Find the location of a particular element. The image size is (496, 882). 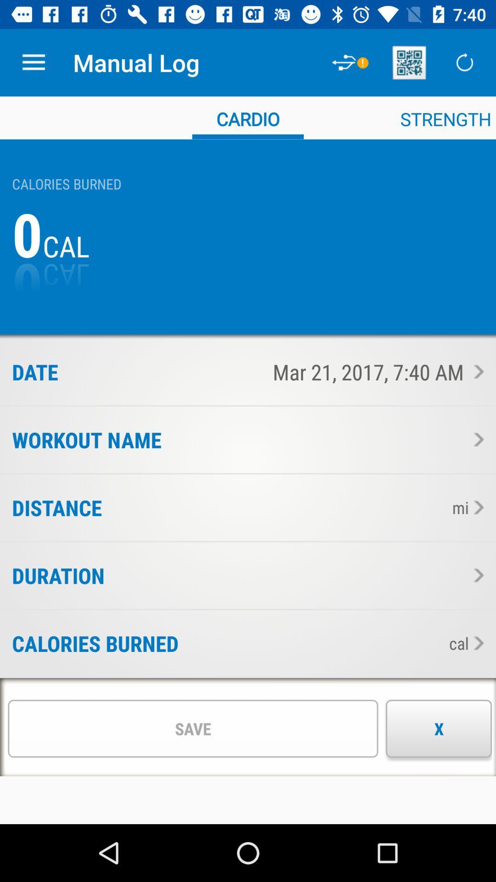

save item is located at coordinates (192, 728).